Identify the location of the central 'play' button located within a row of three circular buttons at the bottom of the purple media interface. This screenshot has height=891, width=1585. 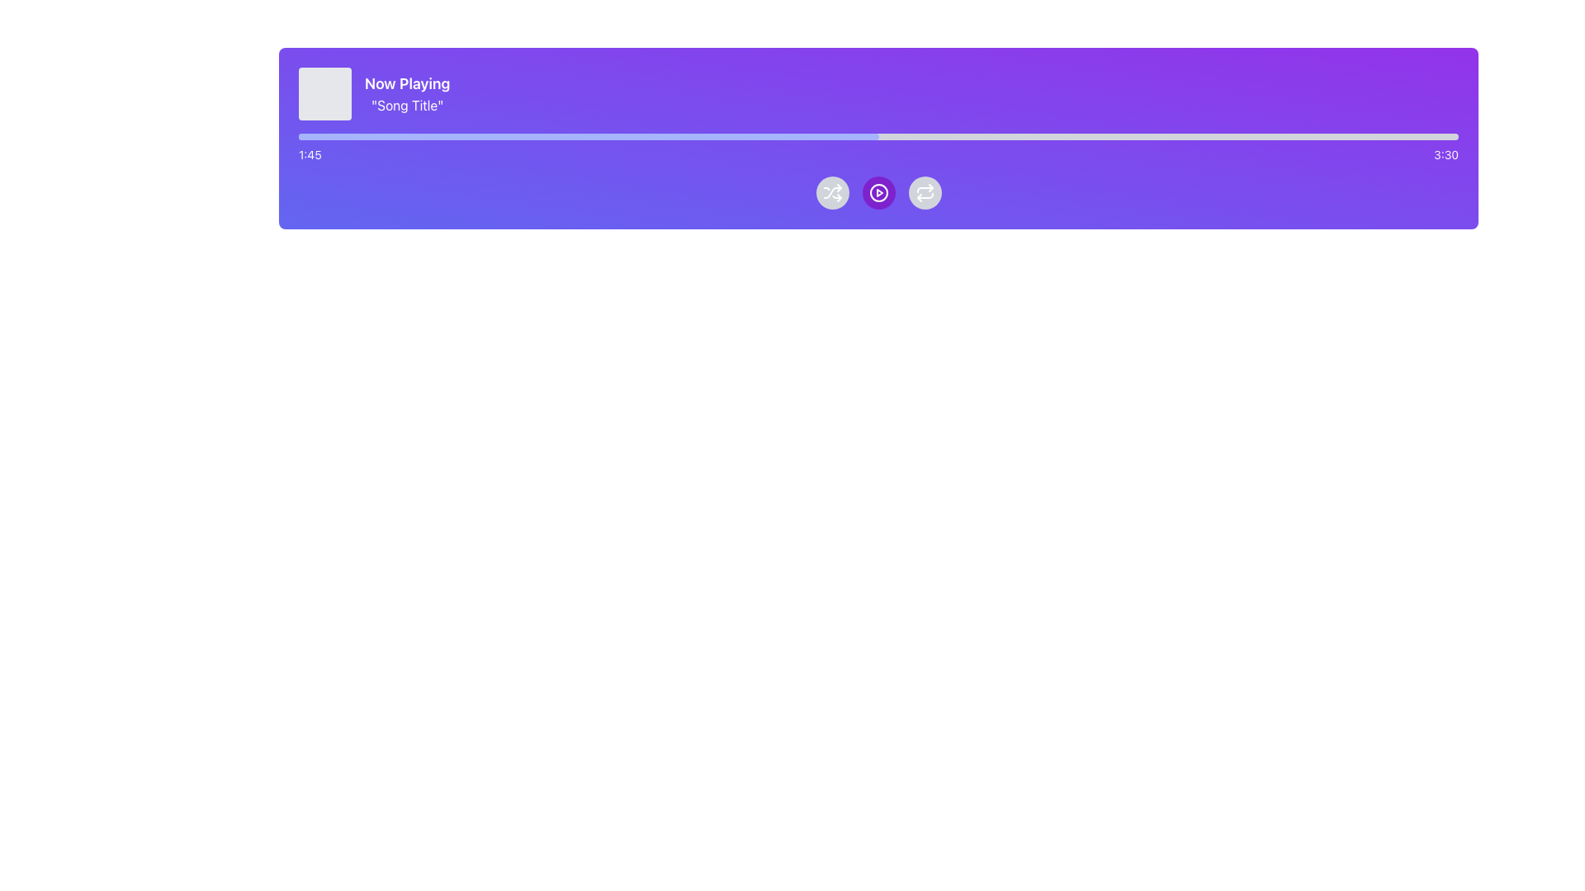
(878, 192).